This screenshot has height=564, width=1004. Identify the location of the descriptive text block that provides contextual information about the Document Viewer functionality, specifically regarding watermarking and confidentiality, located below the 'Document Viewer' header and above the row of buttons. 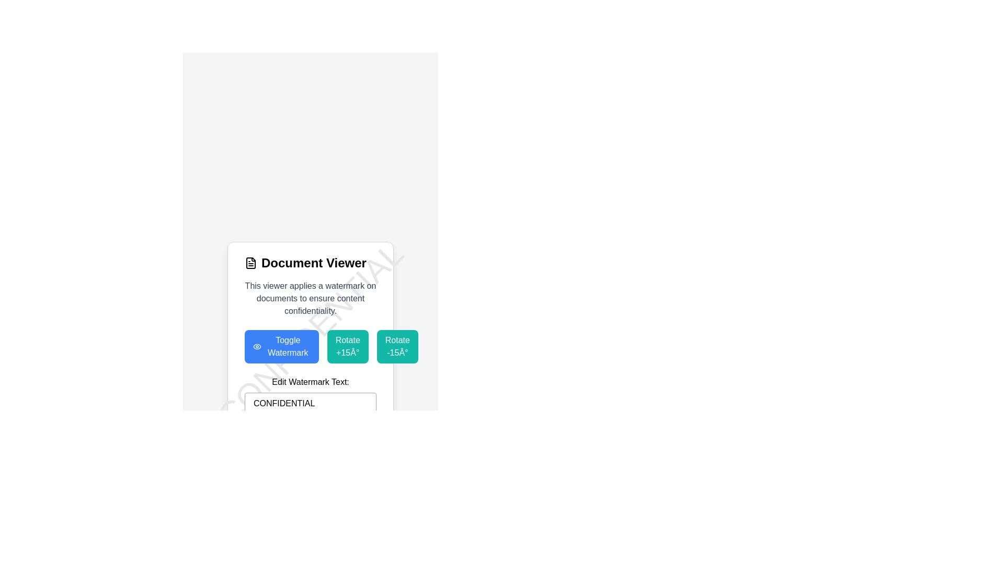
(310, 298).